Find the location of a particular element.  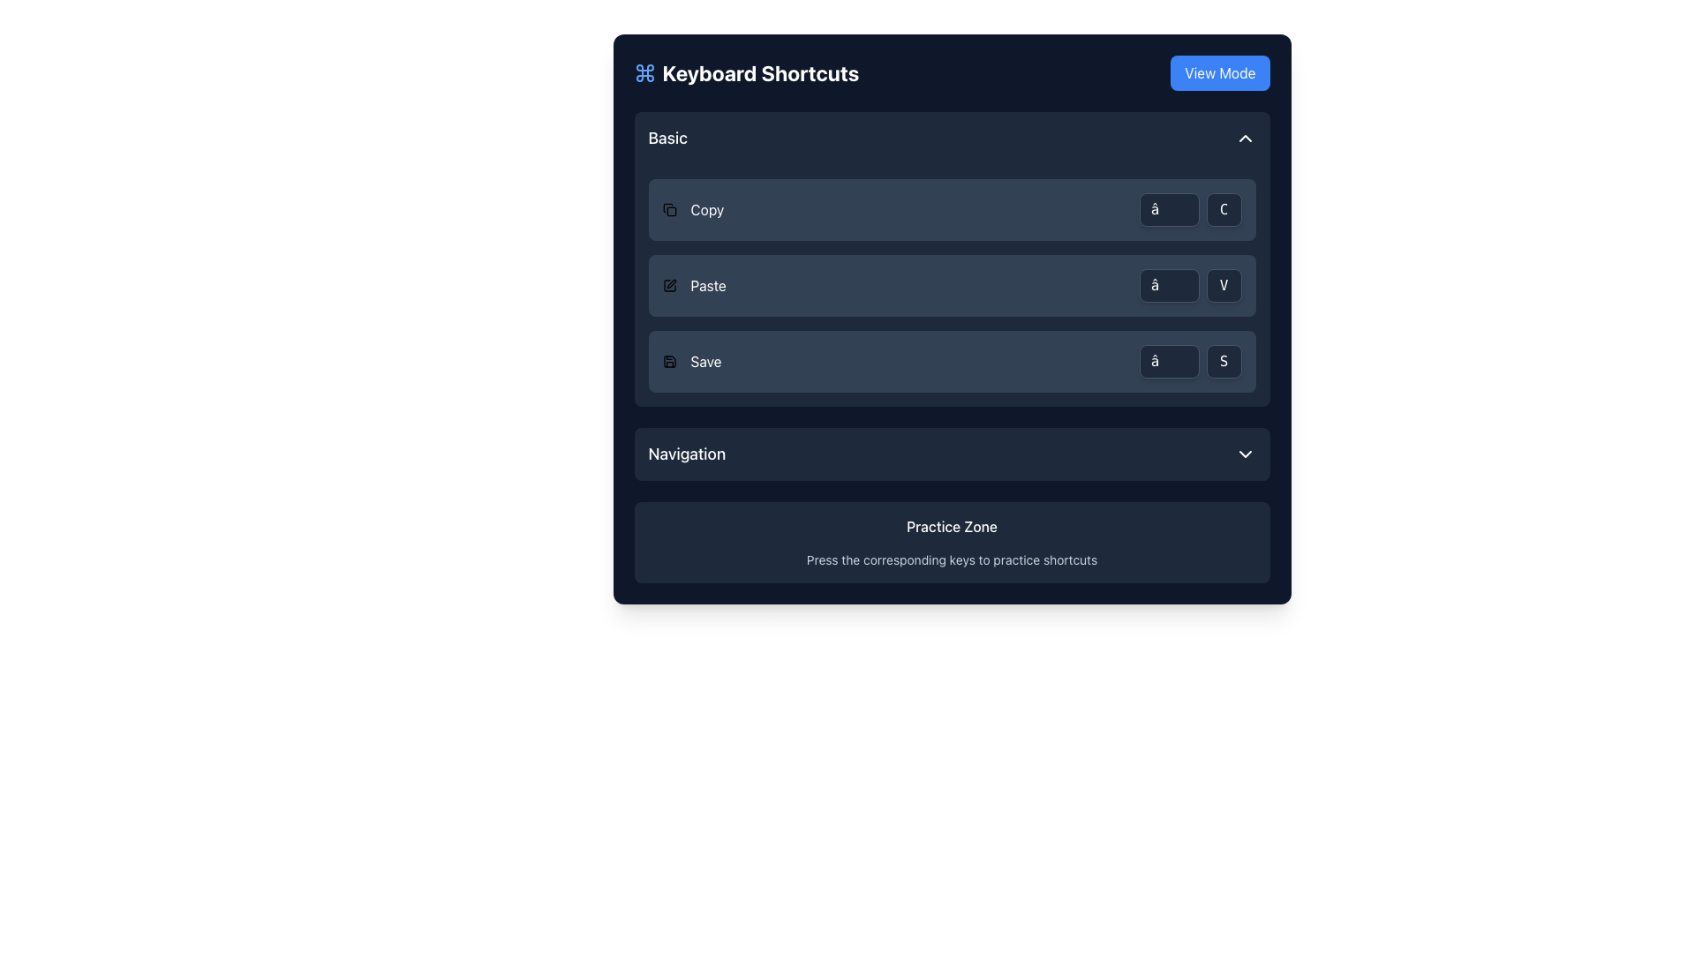

the first Static display row in the 'Keyboard Shortcuts' panel that displays the 'Copy' command and its keyboard shortcut is located at coordinates (951, 209).